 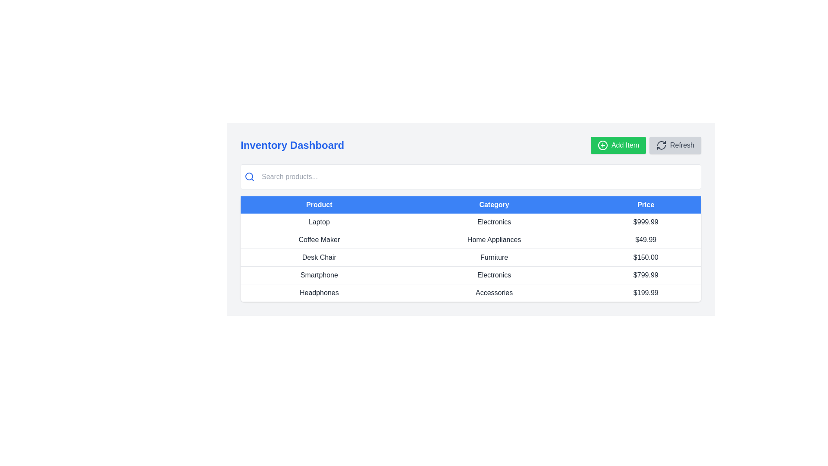 What do you see at coordinates (674, 145) in the screenshot?
I see `the 'Refresh' button located at the top-right corner of the interface, which has a light gray background and a dark gray circular arrow symbol` at bounding box center [674, 145].